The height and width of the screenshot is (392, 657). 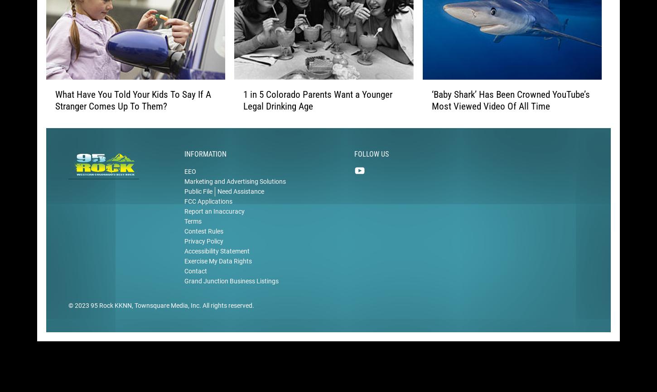 What do you see at coordinates (184, 213) in the screenshot?
I see `'FCC Applications'` at bounding box center [184, 213].